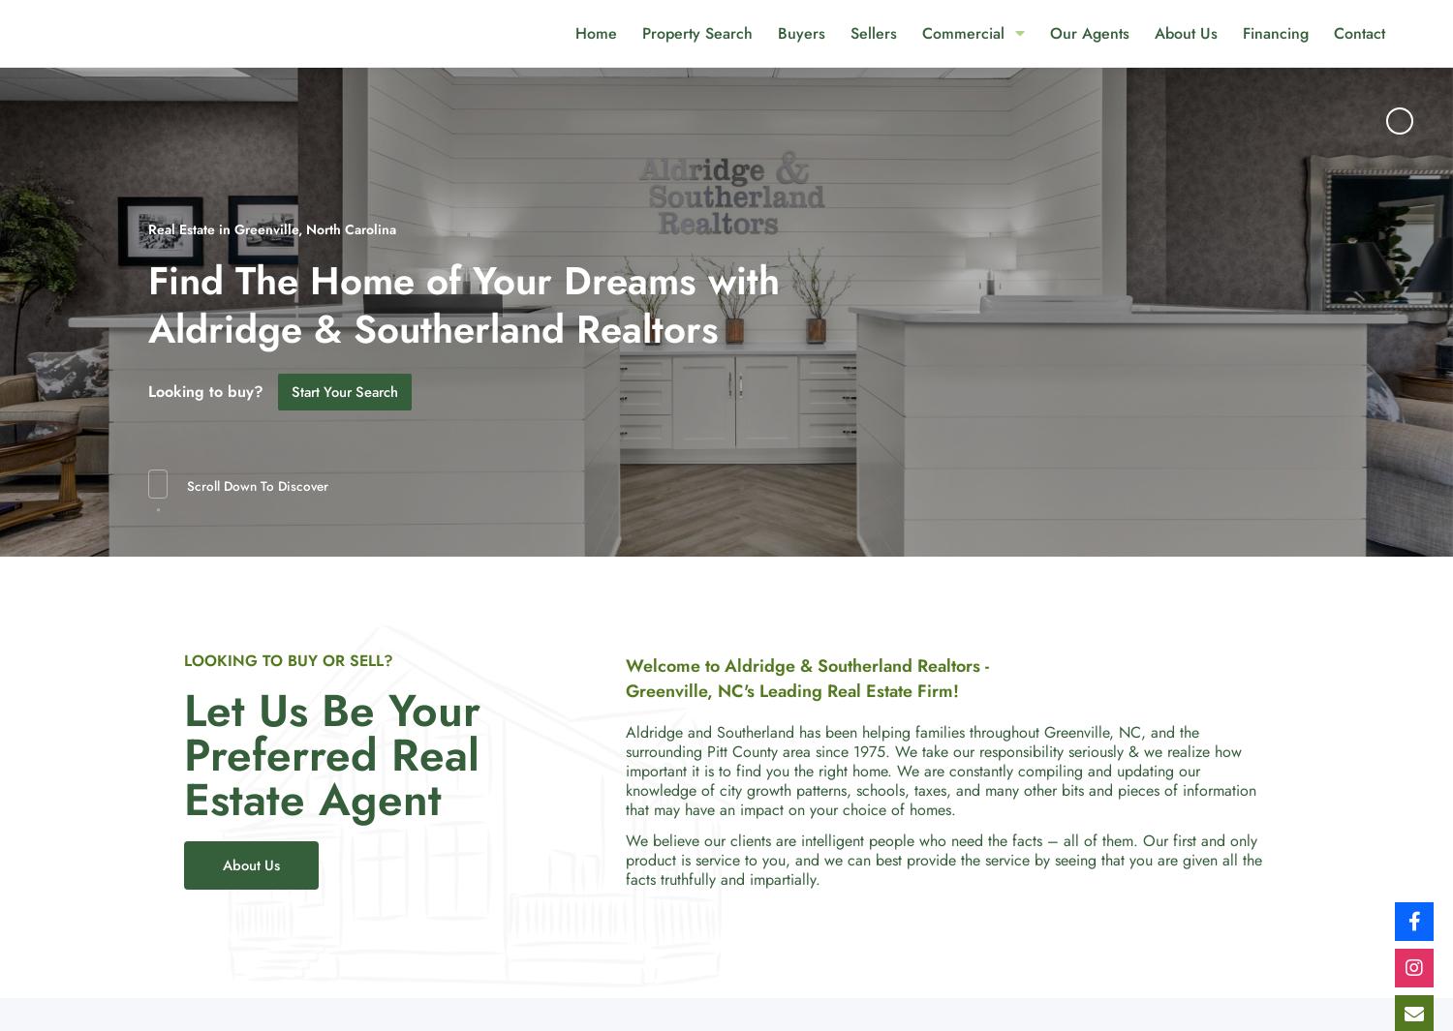 This screenshot has width=1453, height=1031. What do you see at coordinates (626, 665) in the screenshot?
I see `'Welcome to Aldridge & Southerland Realtors -'` at bounding box center [626, 665].